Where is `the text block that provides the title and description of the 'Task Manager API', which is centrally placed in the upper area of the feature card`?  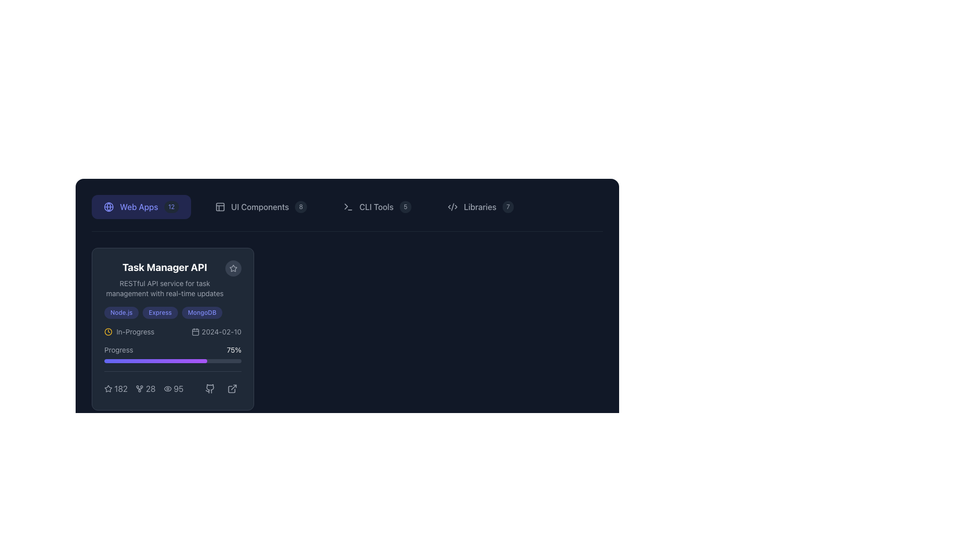
the text block that provides the title and description of the 'Task Manager API', which is centrally placed in the upper area of the feature card is located at coordinates (172, 280).